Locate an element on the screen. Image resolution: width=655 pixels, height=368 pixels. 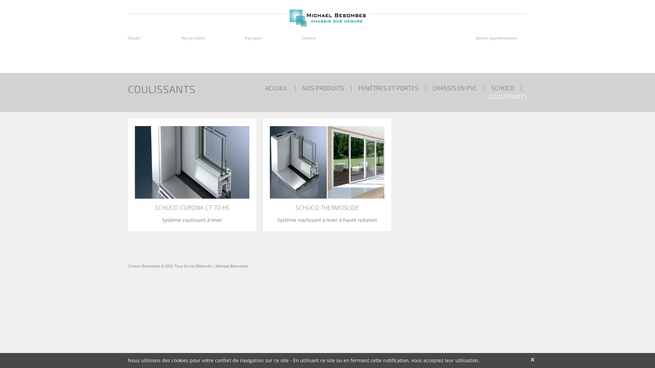
'ACCUEIL' is located at coordinates (276, 88).